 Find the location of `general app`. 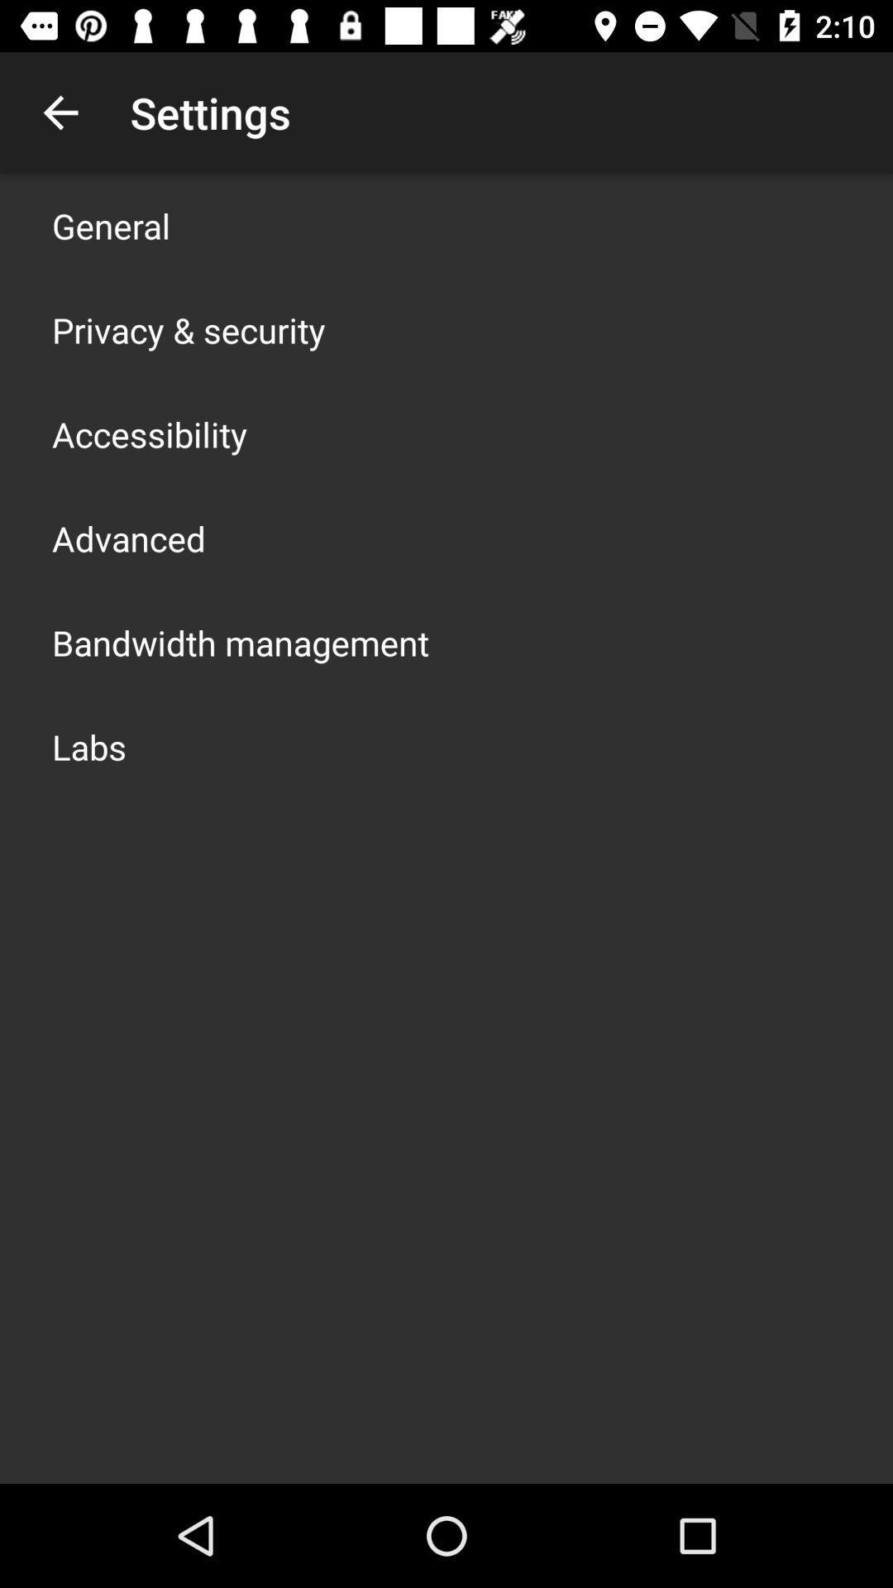

general app is located at coordinates (111, 225).